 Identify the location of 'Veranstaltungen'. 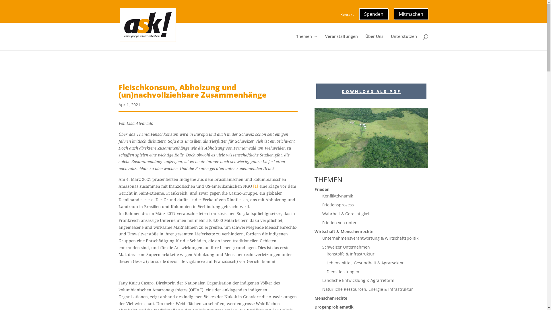
(325, 42).